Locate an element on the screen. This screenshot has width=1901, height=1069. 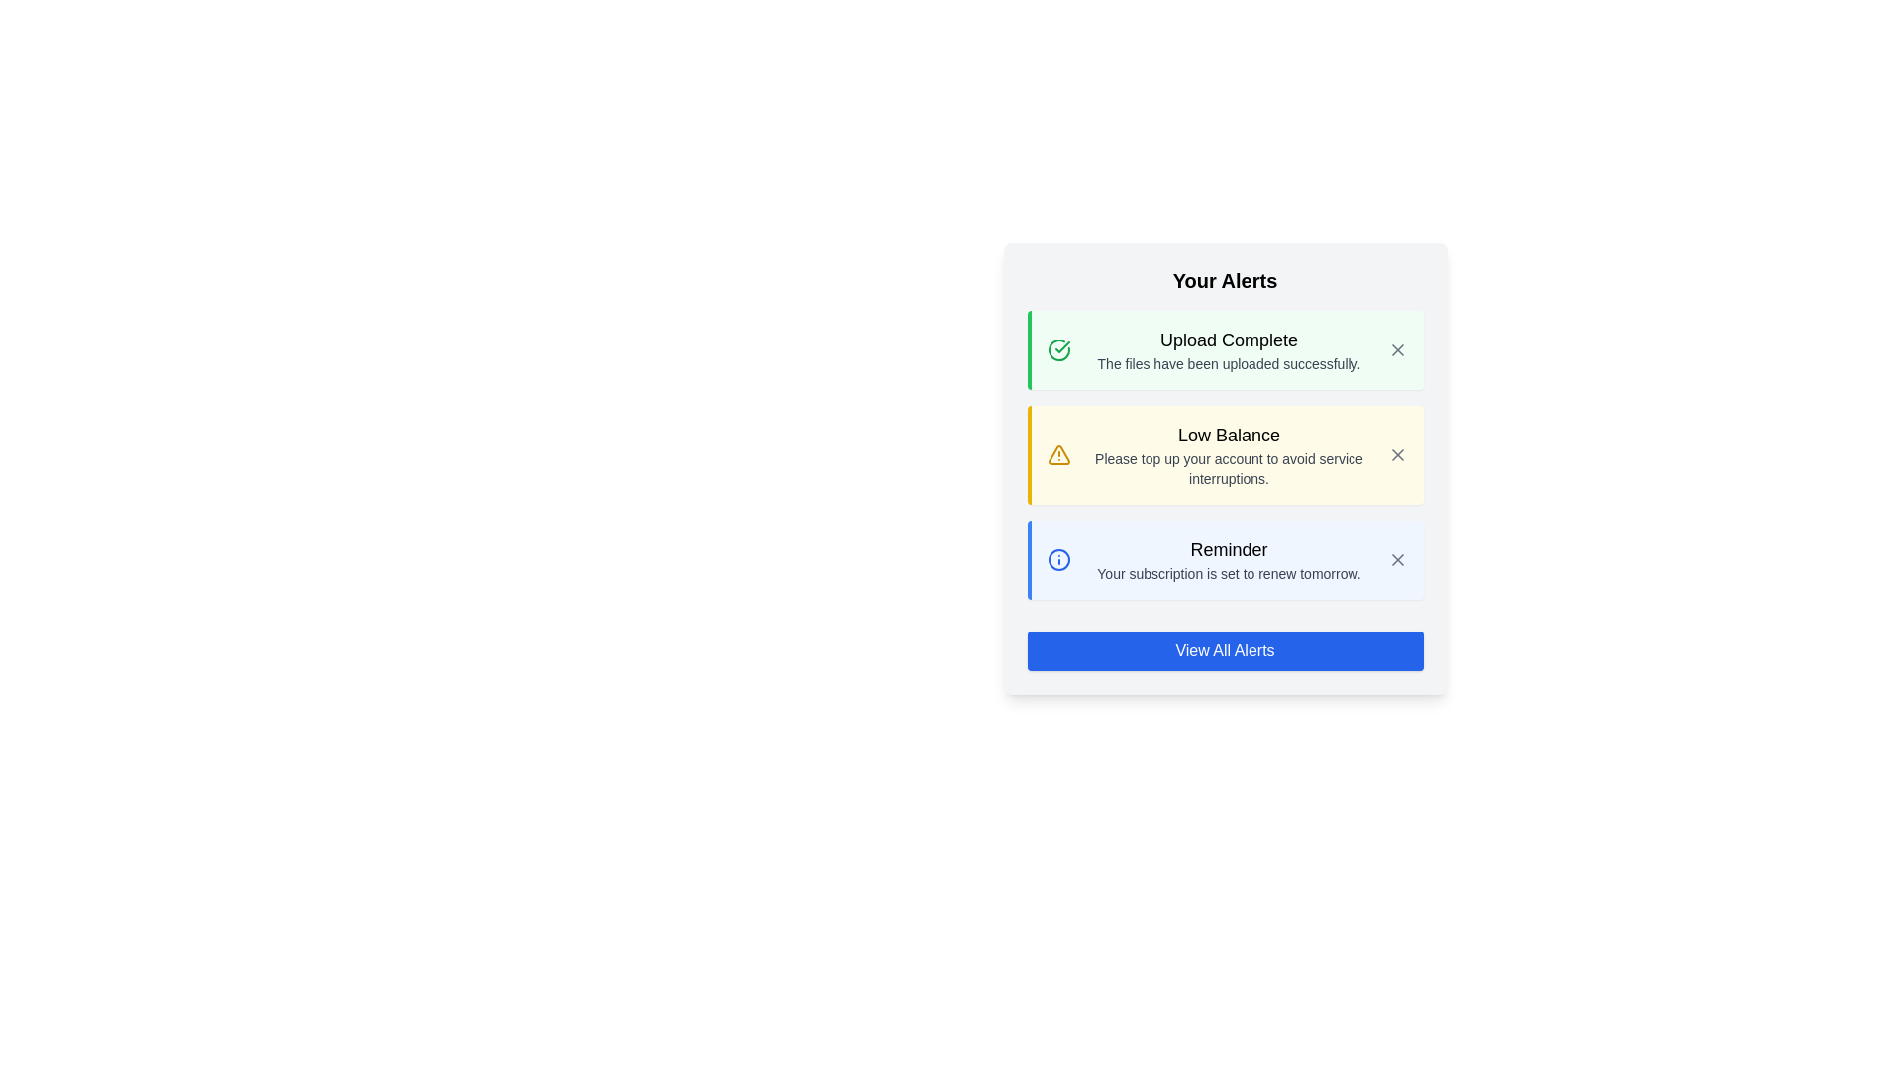
the green checkmark icon with a white background located in the 'Upload Complete' alert box at the top-left corner is located at coordinates (1057, 349).